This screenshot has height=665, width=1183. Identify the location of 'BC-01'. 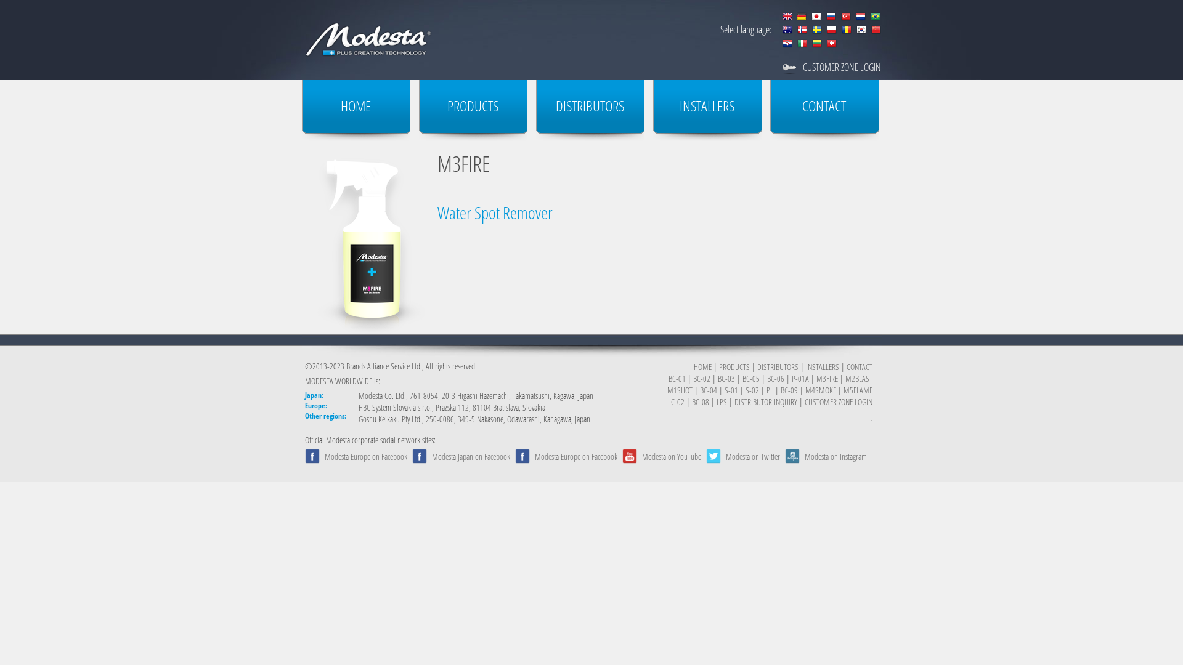
(677, 377).